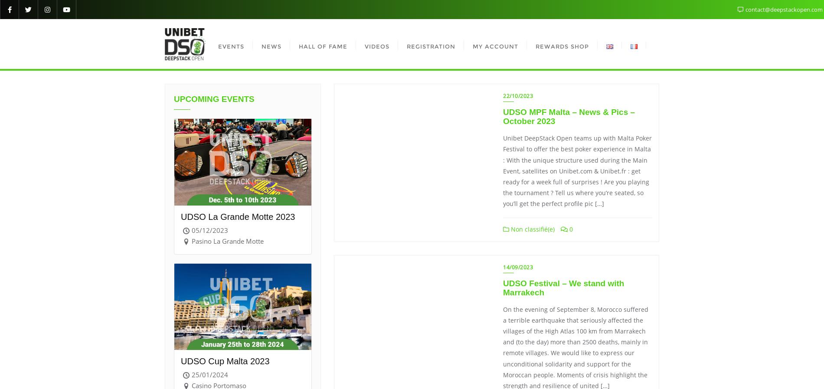  Describe the element at coordinates (238, 216) in the screenshot. I see `'UDSO La Grande Motte 2023'` at that location.